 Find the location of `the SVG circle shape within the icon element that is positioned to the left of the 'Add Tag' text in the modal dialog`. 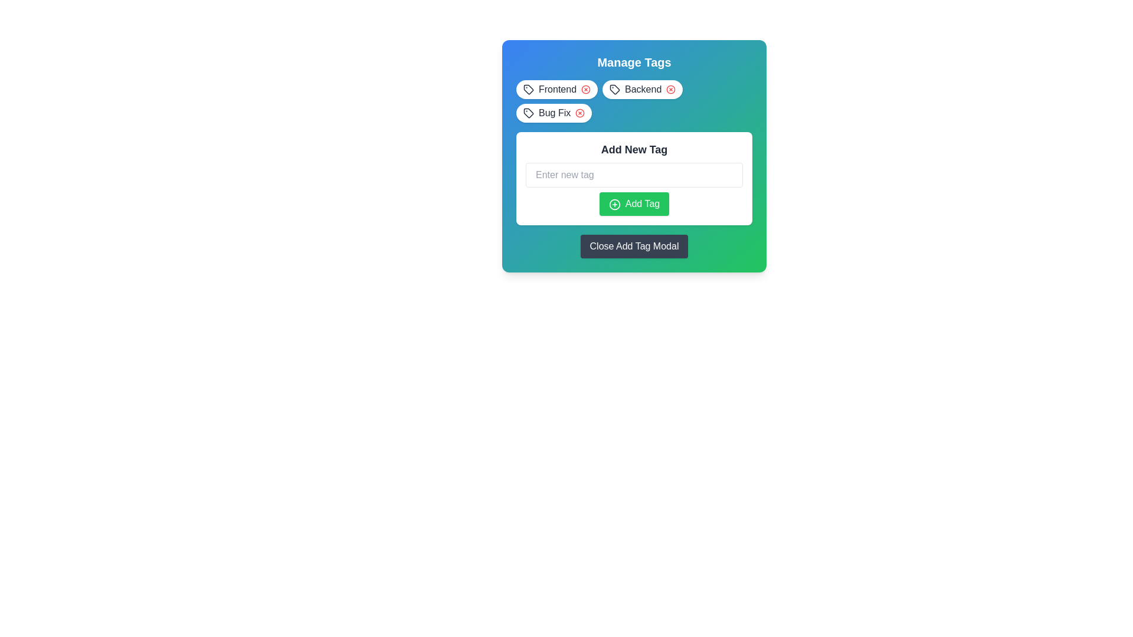

the SVG circle shape within the icon element that is positioned to the left of the 'Add Tag' text in the modal dialog is located at coordinates (614, 203).